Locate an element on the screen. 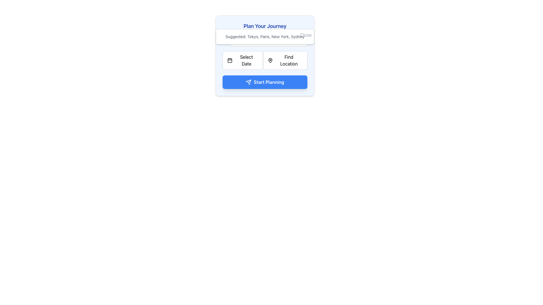 The image size is (543, 305). the 'Select Date' text label within the button is located at coordinates (246, 60).